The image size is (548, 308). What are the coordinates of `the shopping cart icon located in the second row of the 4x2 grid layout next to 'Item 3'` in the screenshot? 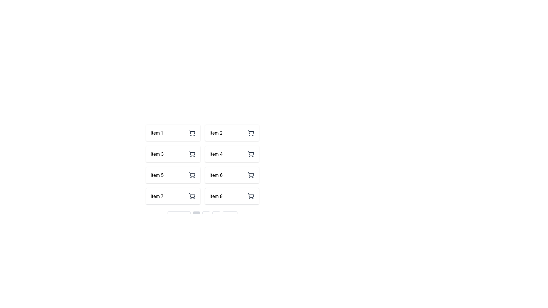 It's located at (192, 154).